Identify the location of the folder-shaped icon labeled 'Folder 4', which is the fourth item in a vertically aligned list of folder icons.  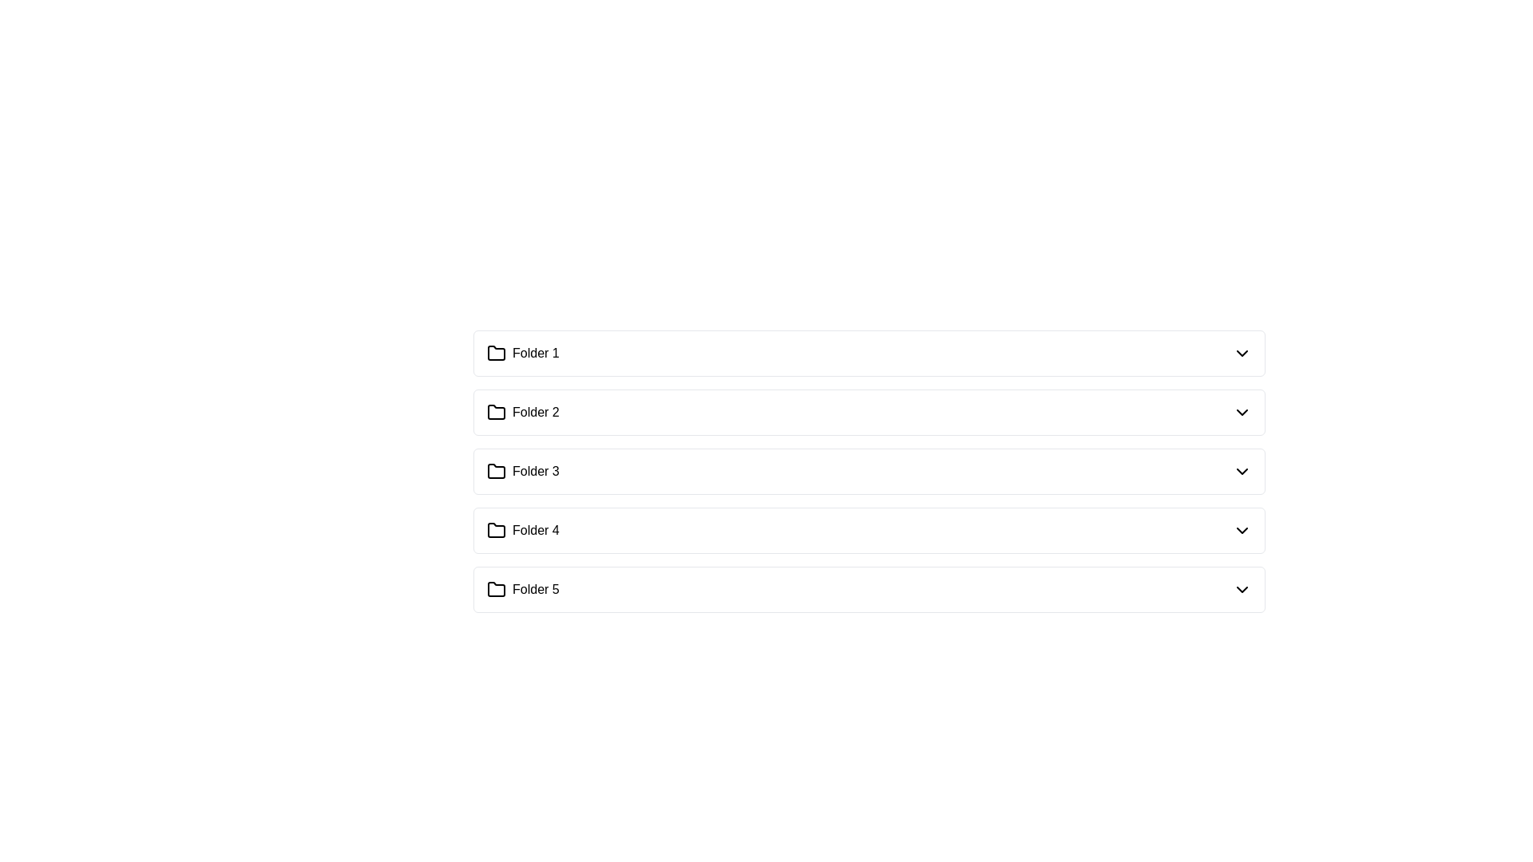
(496, 530).